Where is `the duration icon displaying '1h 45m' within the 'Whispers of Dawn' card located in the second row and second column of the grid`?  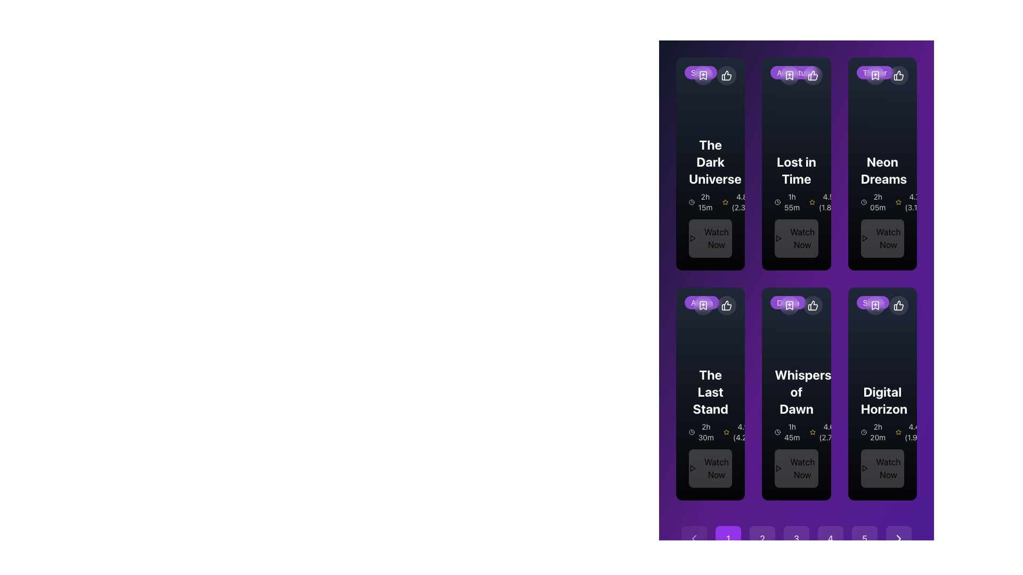
the duration icon displaying '1h 45m' within the 'Whispers of Dawn' card located in the second row and second column of the grid is located at coordinates (777, 432).